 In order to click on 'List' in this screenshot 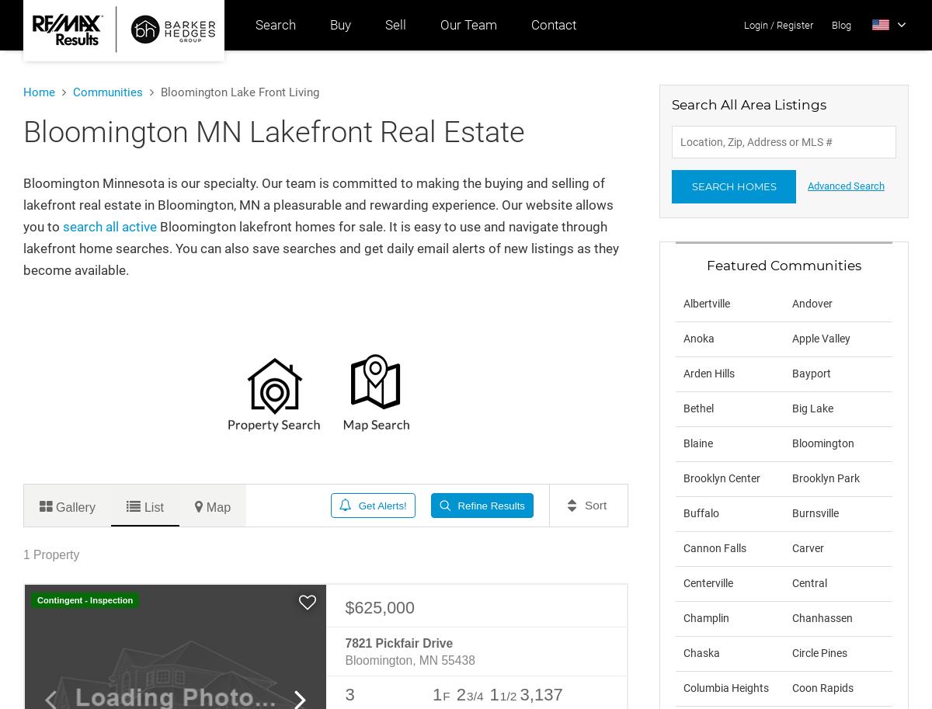, I will do `click(152, 505)`.